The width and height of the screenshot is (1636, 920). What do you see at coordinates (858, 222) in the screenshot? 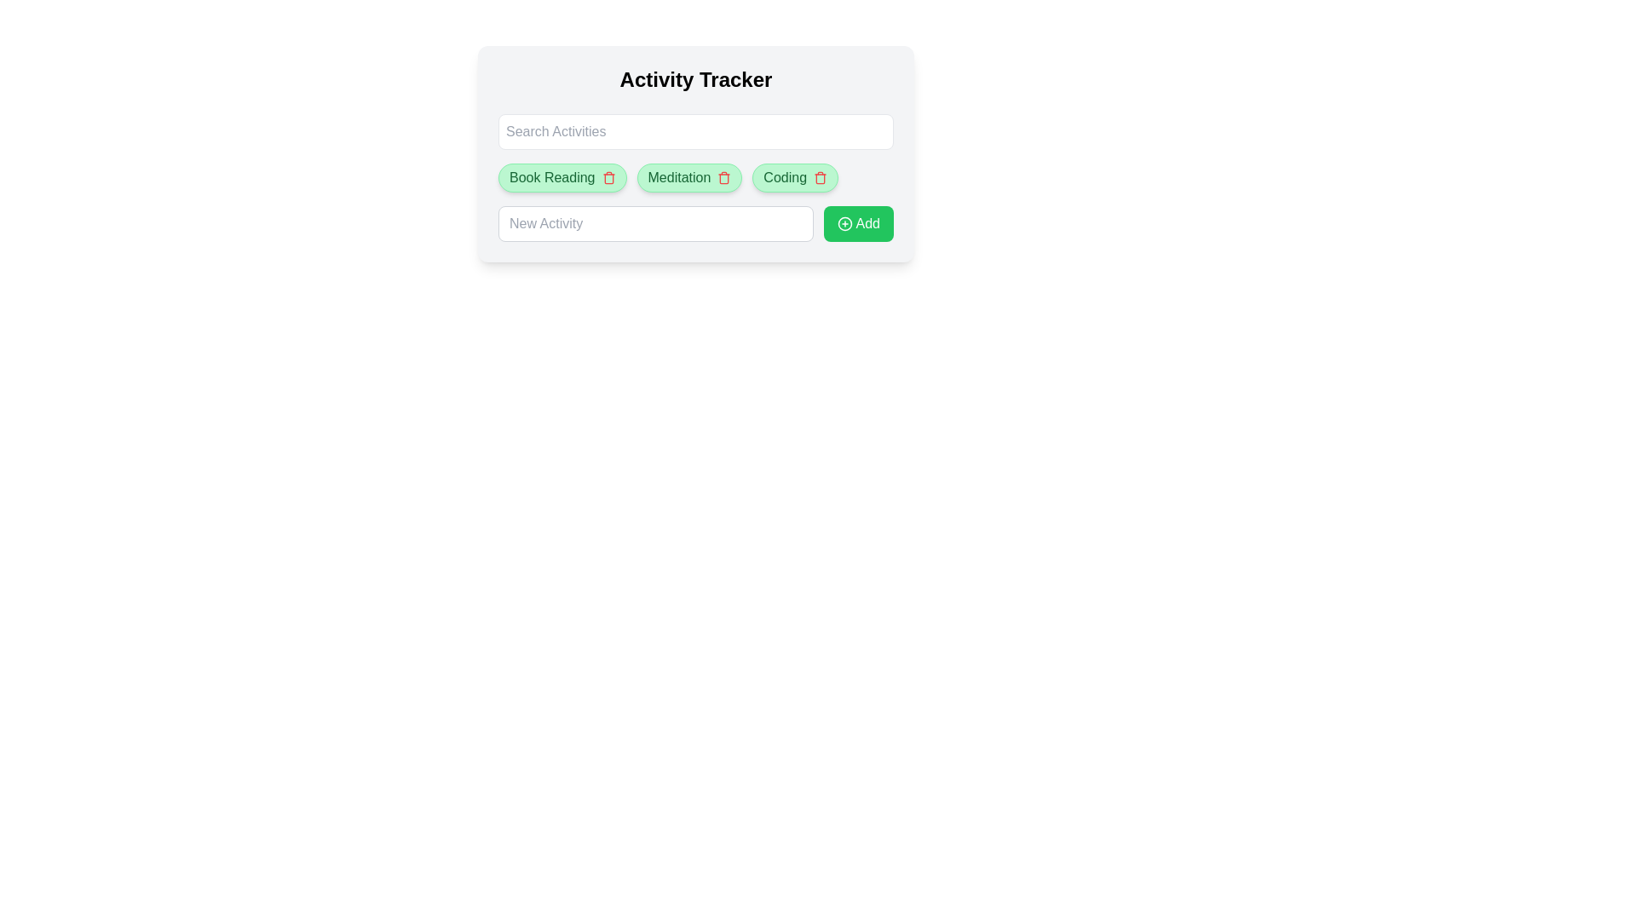
I see `the button that allows users to add a new activity, located at the right end of the horizontal bar, to observe the hover effect` at bounding box center [858, 222].